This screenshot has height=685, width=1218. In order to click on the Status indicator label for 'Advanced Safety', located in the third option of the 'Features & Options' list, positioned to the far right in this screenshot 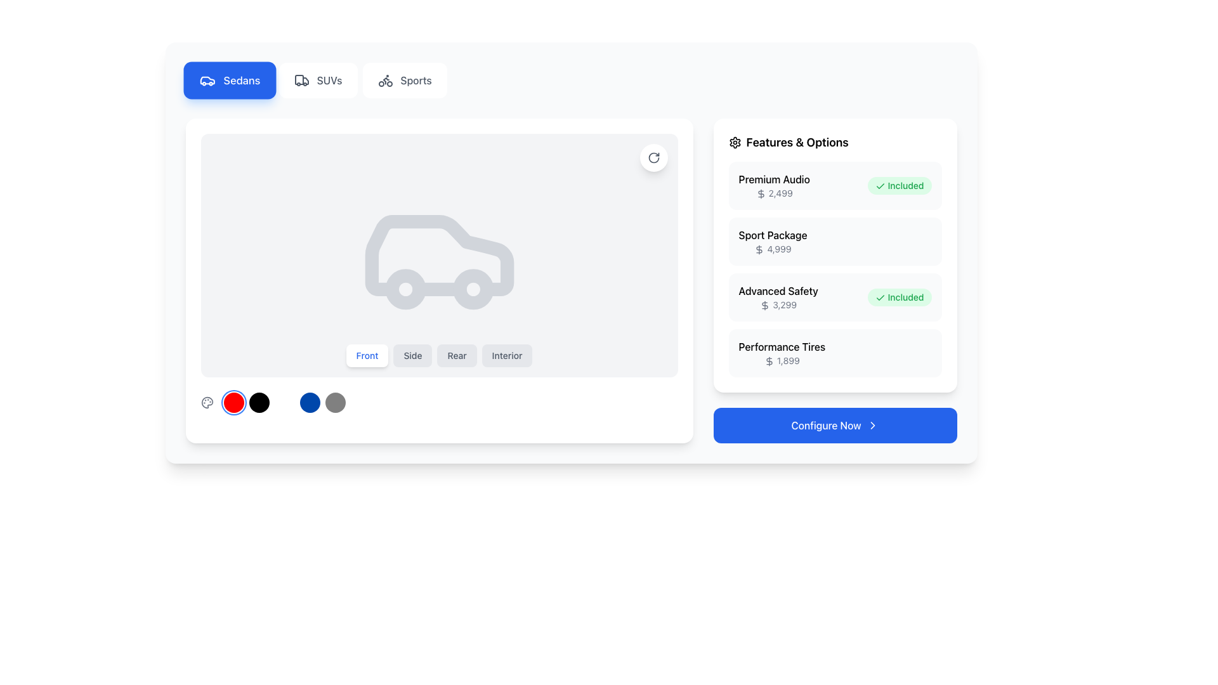, I will do `click(899, 297)`.